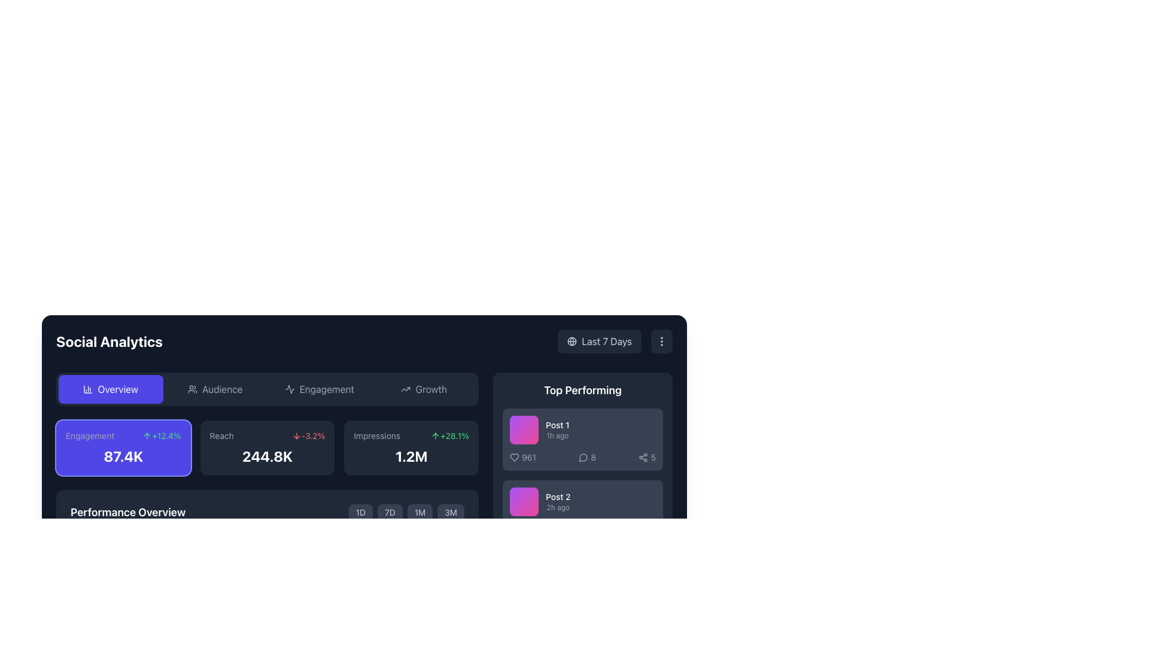 This screenshot has height=646, width=1149. Describe the element at coordinates (522, 457) in the screenshot. I see `the heart-shaped icon with text label '961' located in the 'Top Performing' section beneath 'Post 1'` at that location.